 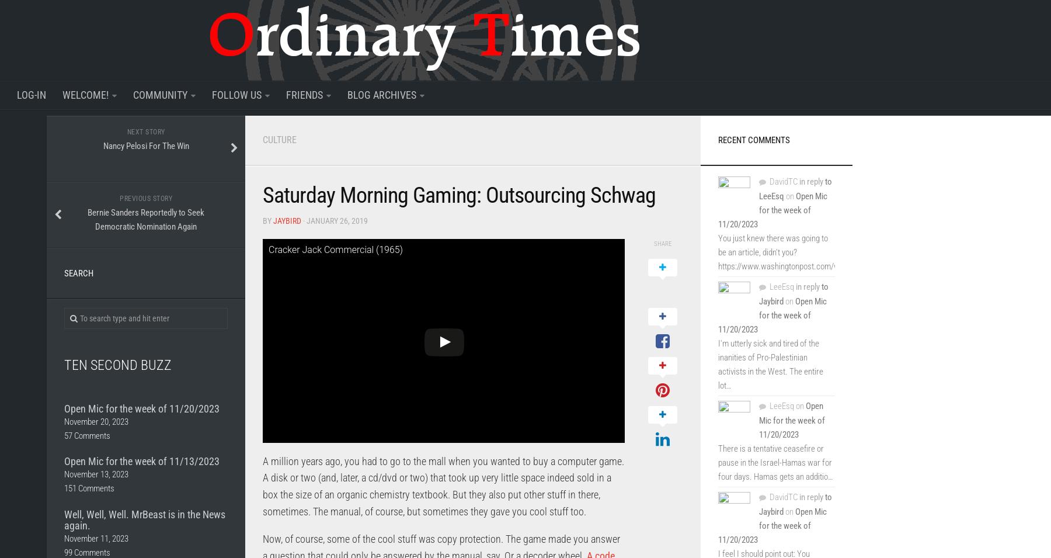 I want to click on 'Jaybird', so click(x=273, y=220).